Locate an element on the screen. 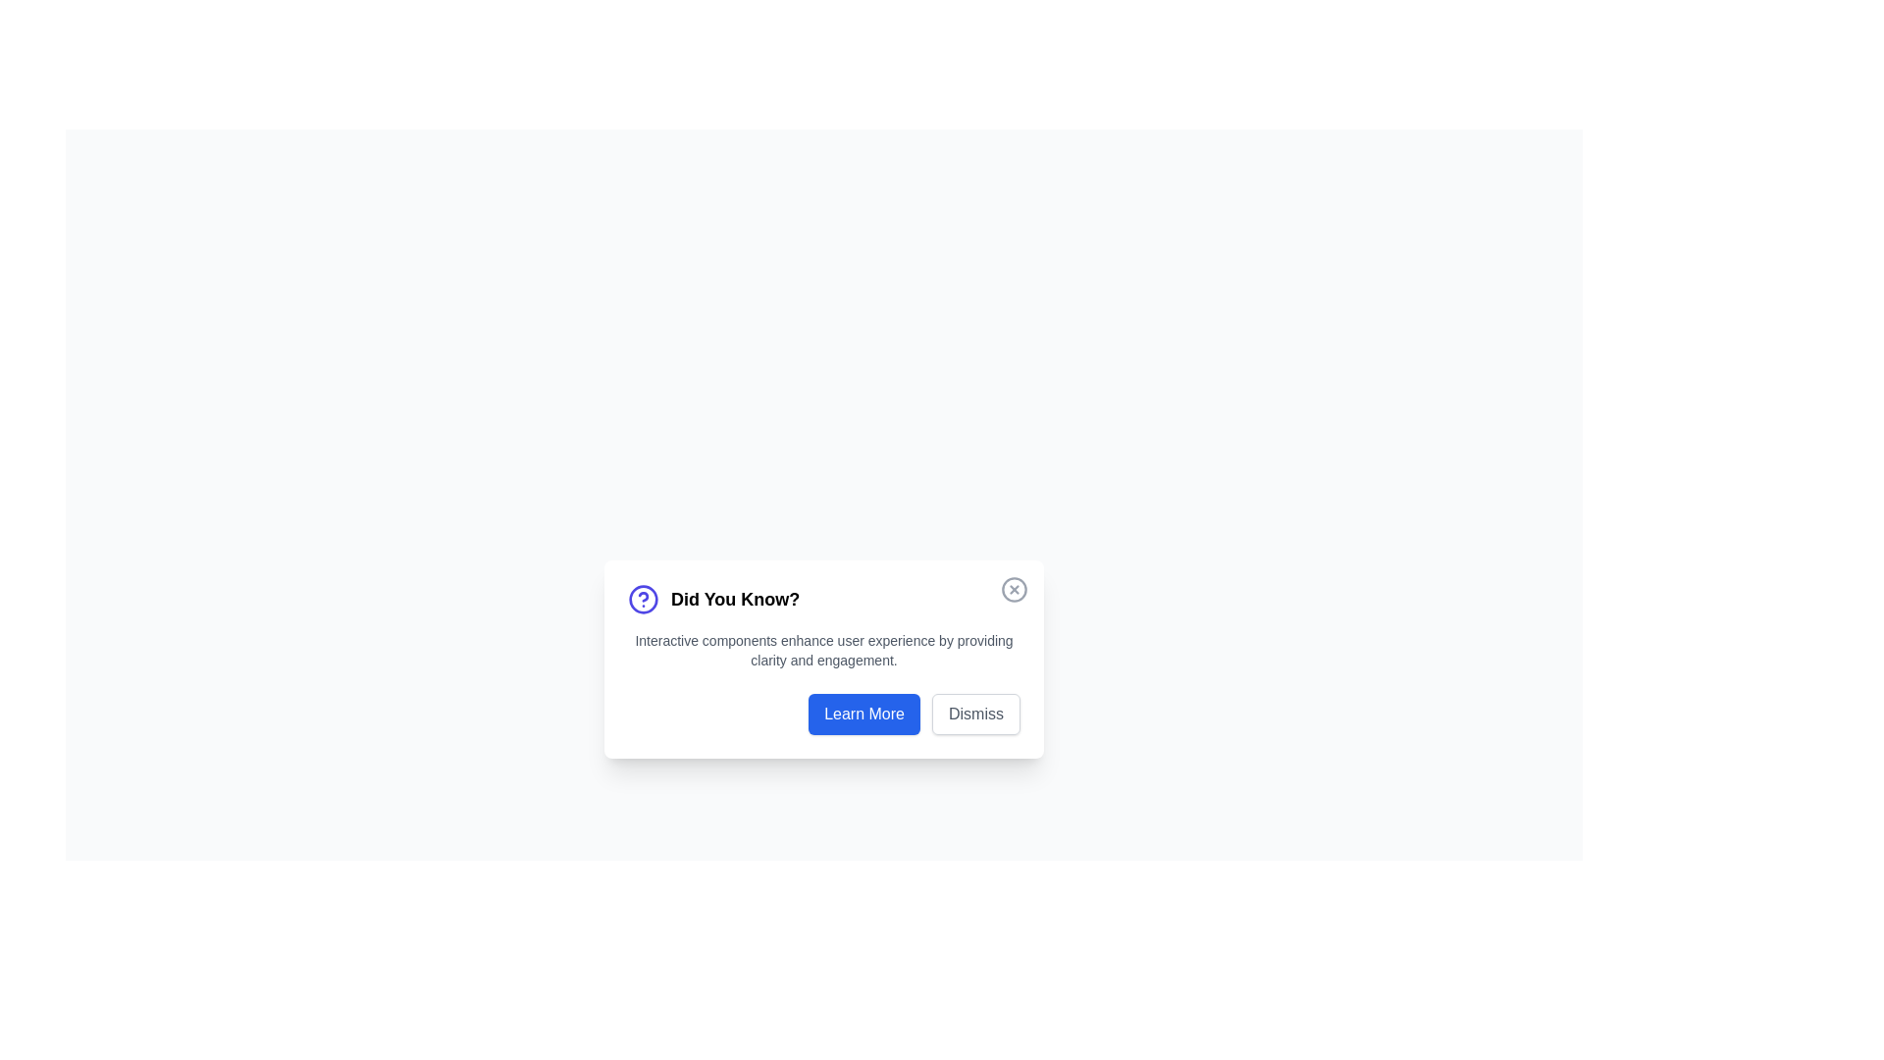 The height and width of the screenshot is (1060, 1884). the dismiss button located on the lower right side of the centered modal dialog box is located at coordinates (975, 715).